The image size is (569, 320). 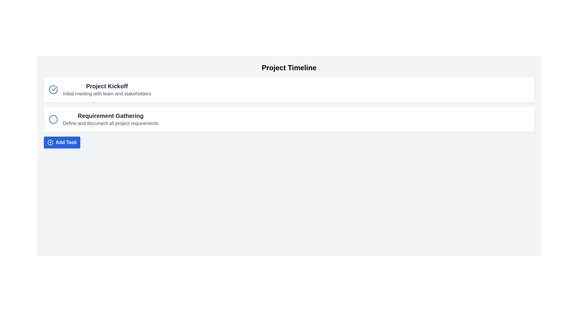 I want to click on the circular icon with a plus sign located within the 'Add Task' button, positioned to the left of the button's text, so click(x=50, y=143).